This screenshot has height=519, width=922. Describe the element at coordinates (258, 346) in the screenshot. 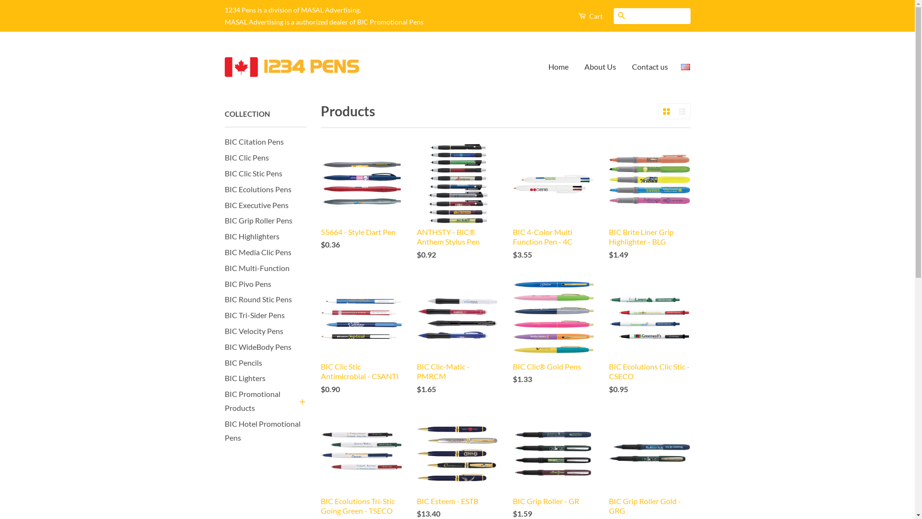

I see `'BIC WideBody Pens'` at that location.